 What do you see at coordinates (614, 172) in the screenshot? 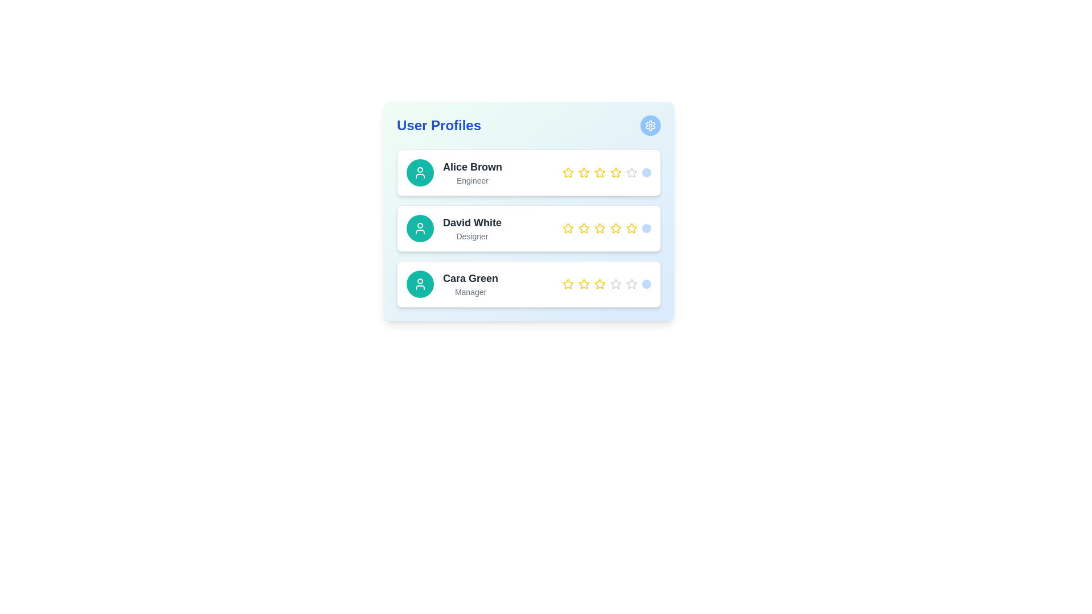
I see `the fourth star in the five-star rating system on Alice Brown's user profile card` at bounding box center [614, 172].